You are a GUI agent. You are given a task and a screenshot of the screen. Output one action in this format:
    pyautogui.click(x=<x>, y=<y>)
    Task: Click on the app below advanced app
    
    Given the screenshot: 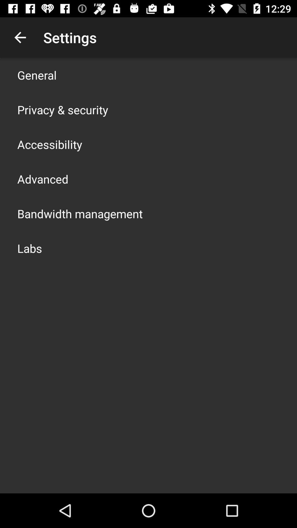 What is the action you would take?
    pyautogui.click(x=80, y=213)
    